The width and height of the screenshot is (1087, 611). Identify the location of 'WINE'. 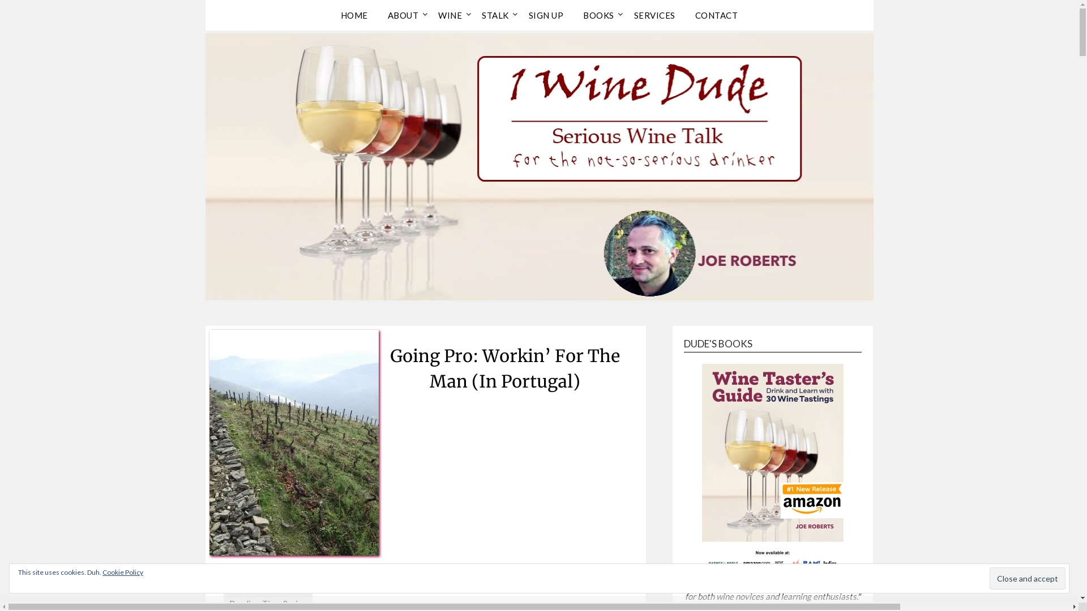
(450, 15).